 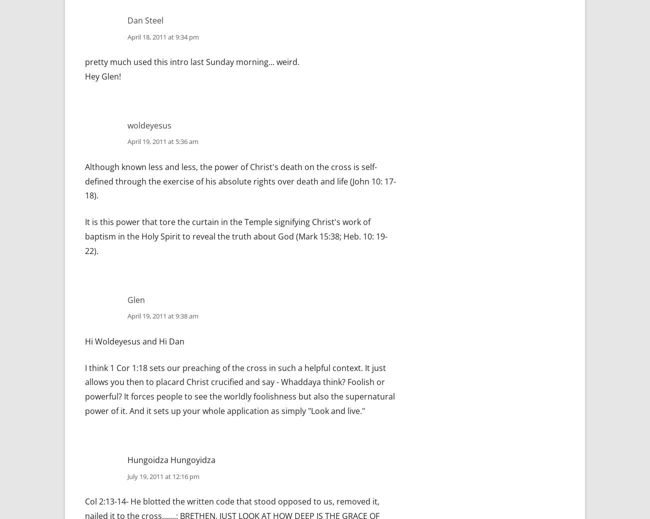 I want to click on 'April 18, 2011 at 9:34 pm', so click(x=127, y=35).